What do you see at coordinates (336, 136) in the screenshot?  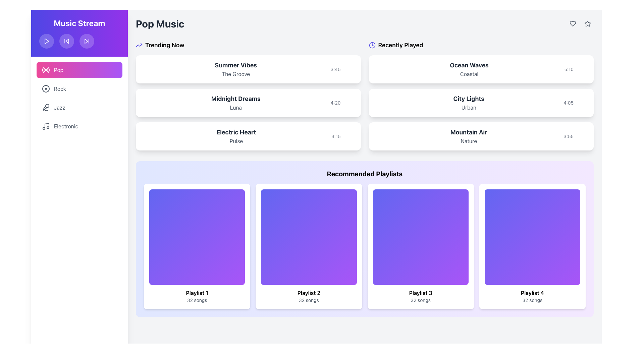 I see `text label displaying the time '3:15' located in the 'Trending Now' section of the 'Electric Heart' song entry on the right side, adjacent to other elements` at bounding box center [336, 136].